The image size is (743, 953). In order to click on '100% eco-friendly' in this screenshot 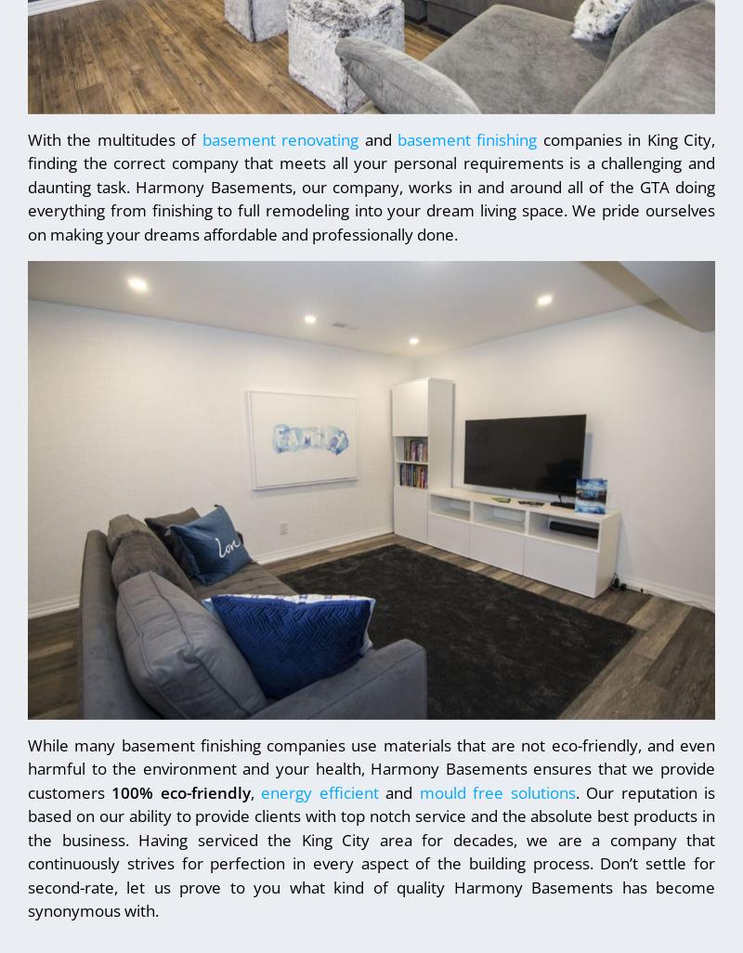, I will do `click(179, 791)`.